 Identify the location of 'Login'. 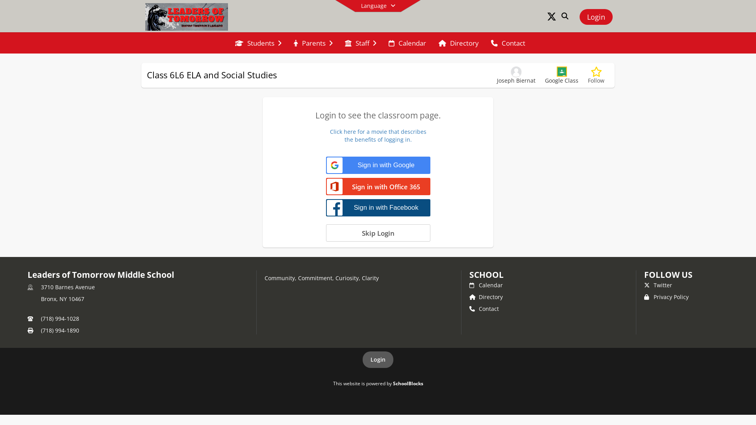
(362, 360).